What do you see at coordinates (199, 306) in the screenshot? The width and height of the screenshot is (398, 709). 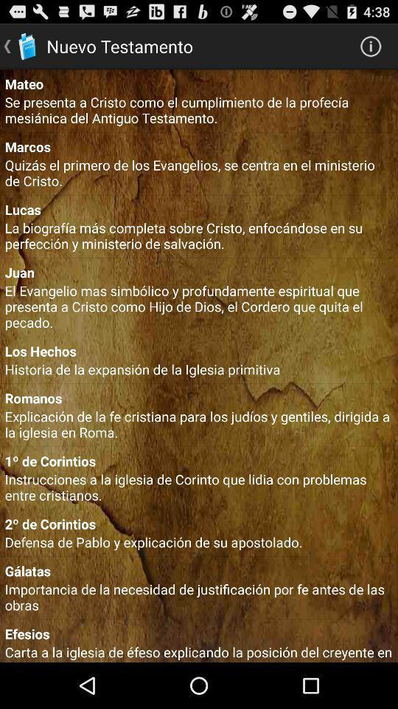 I see `el evangelio mas item` at bounding box center [199, 306].